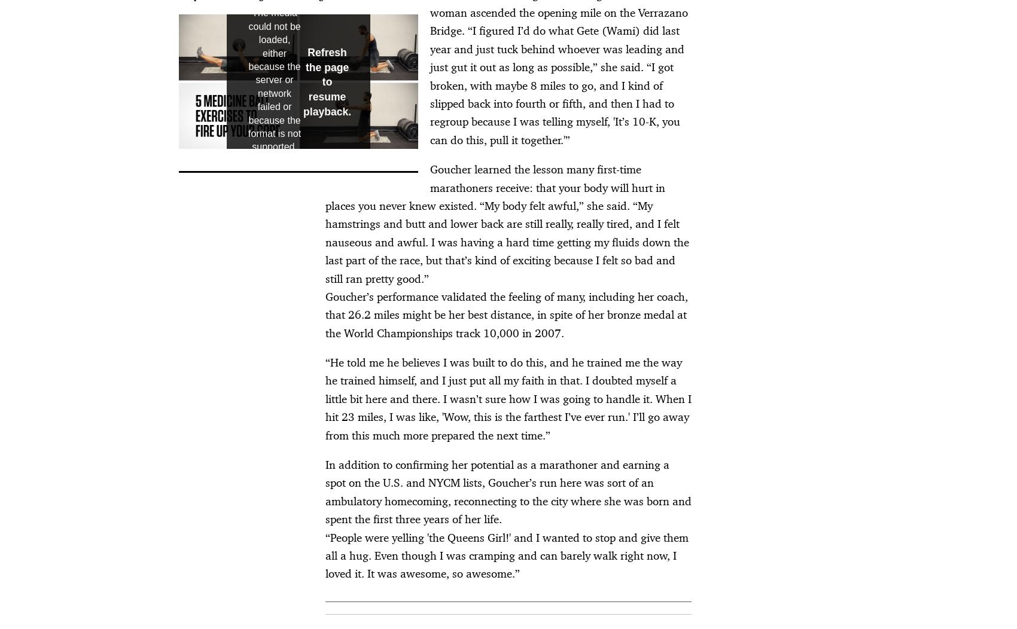 This screenshot has width=1017, height=629. What do you see at coordinates (196, 335) in the screenshot?
I see `'Newsletter'` at bounding box center [196, 335].